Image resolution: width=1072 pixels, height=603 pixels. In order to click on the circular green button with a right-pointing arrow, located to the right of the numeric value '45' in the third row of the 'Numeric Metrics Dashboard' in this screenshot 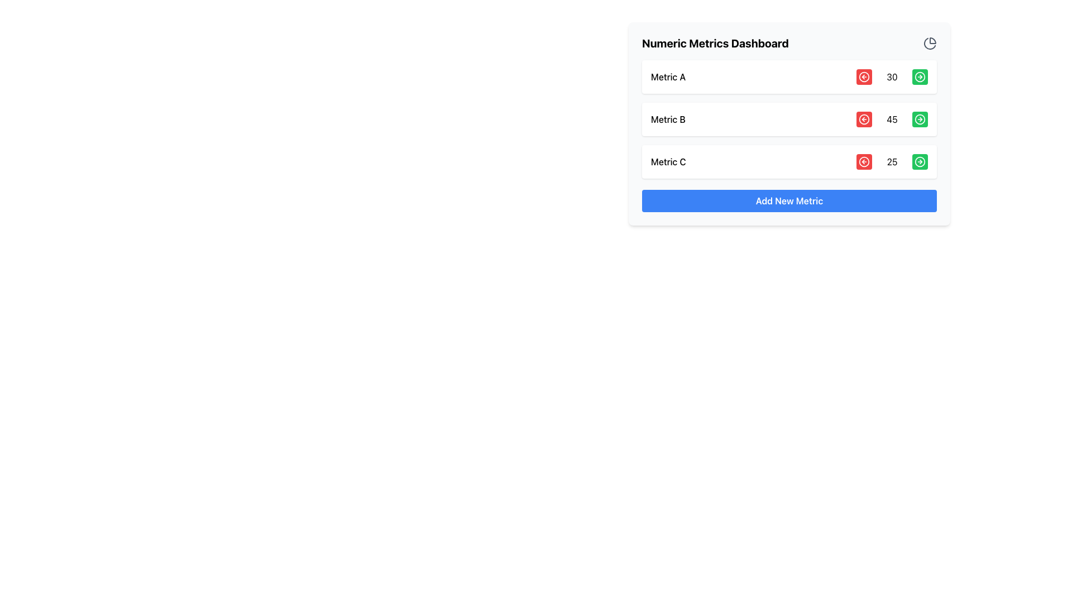, I will do `click(920, 119)`.